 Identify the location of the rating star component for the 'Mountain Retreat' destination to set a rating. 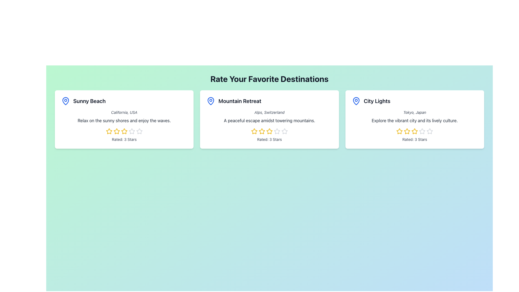
(270, 131).